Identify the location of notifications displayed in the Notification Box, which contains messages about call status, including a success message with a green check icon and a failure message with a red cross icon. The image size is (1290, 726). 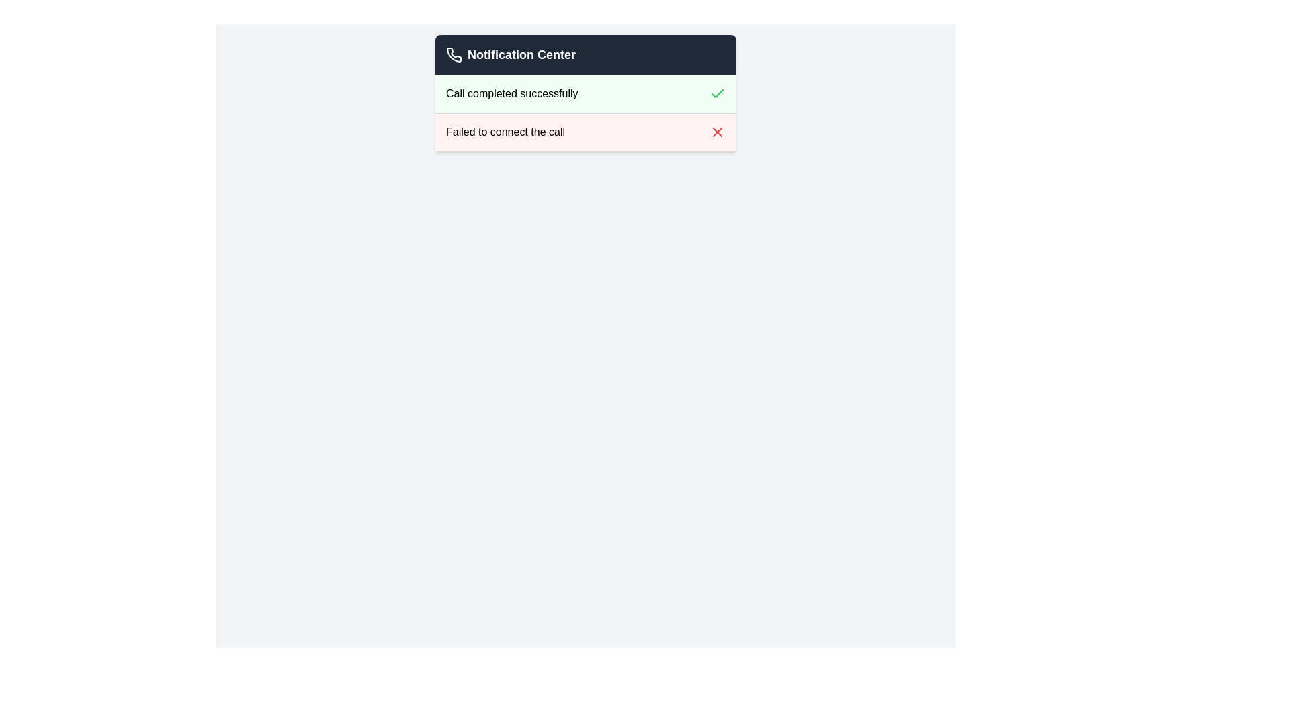
(586, 92).